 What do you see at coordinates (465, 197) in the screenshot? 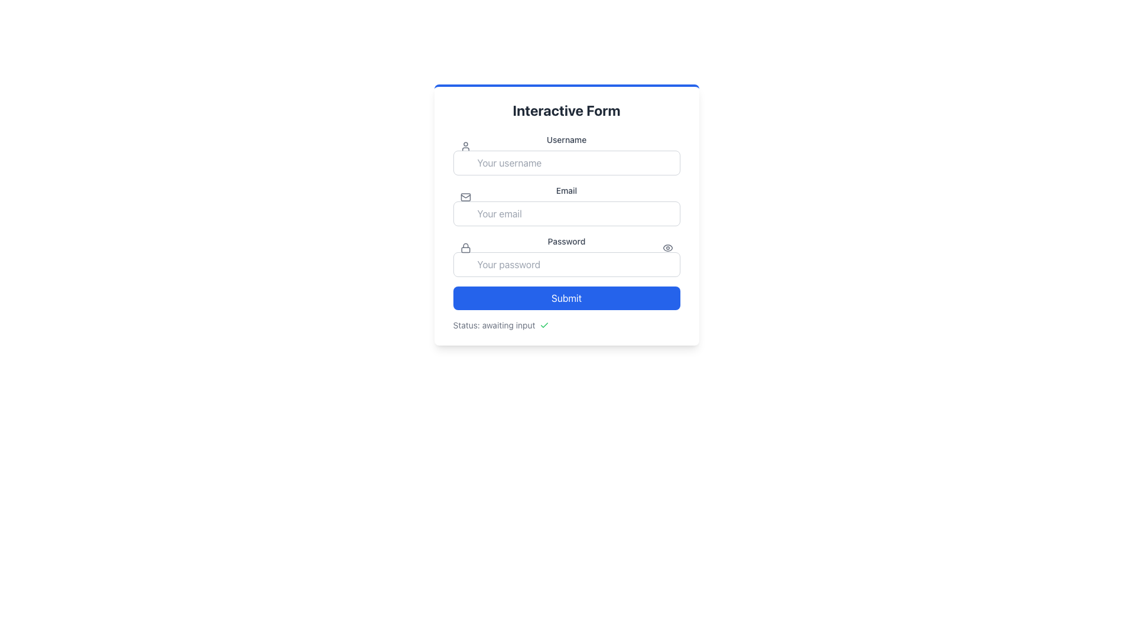
I see `the envelope icon in the 'Email' section of the form, which is styled as an SVG graphic and is located to the left of the 'Your email' input field` at bounding box center [465, 197].